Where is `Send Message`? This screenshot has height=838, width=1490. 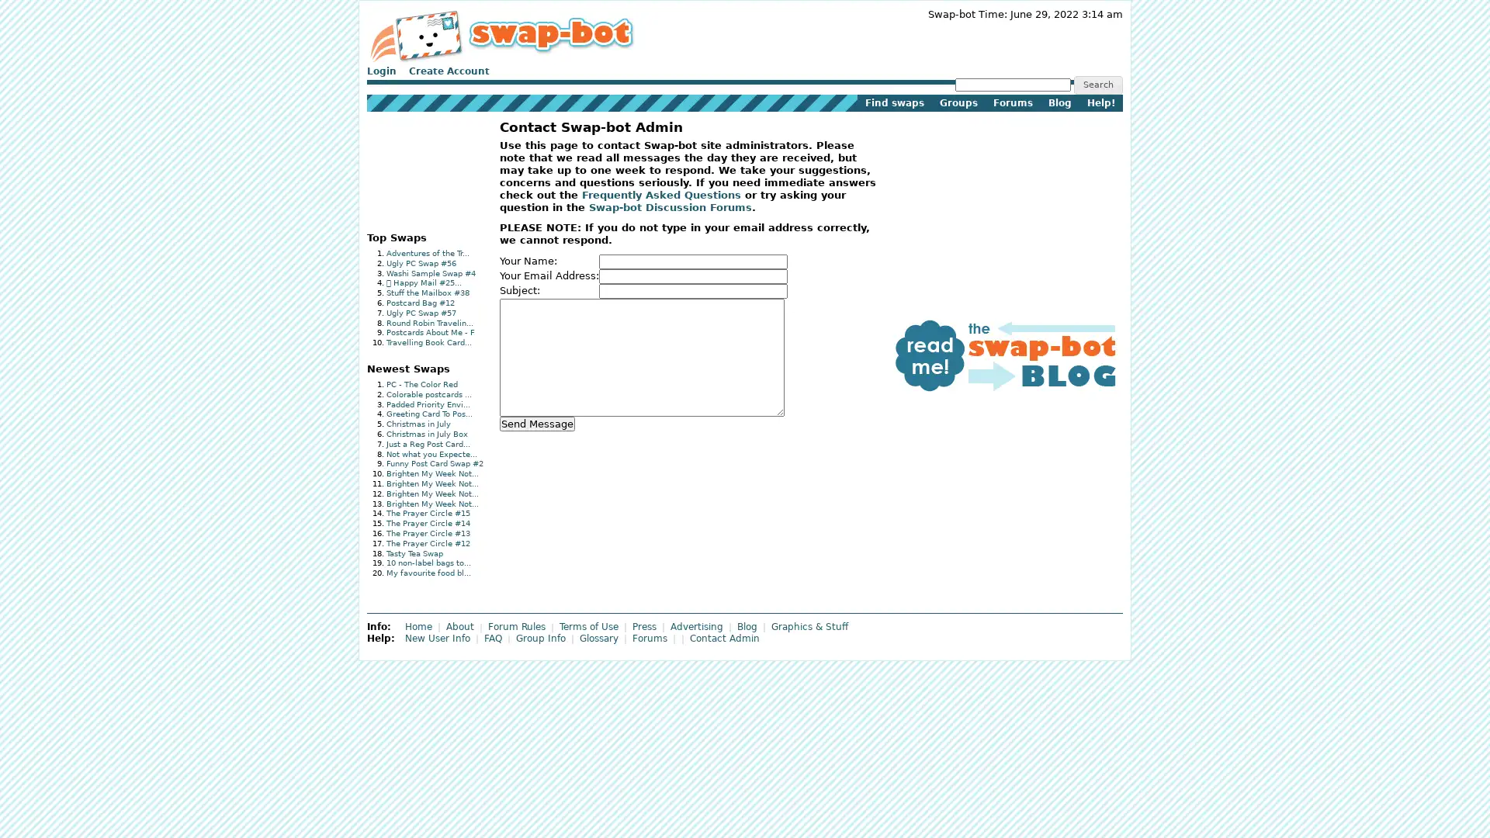 Send Message is located at coordinates (536, 423).